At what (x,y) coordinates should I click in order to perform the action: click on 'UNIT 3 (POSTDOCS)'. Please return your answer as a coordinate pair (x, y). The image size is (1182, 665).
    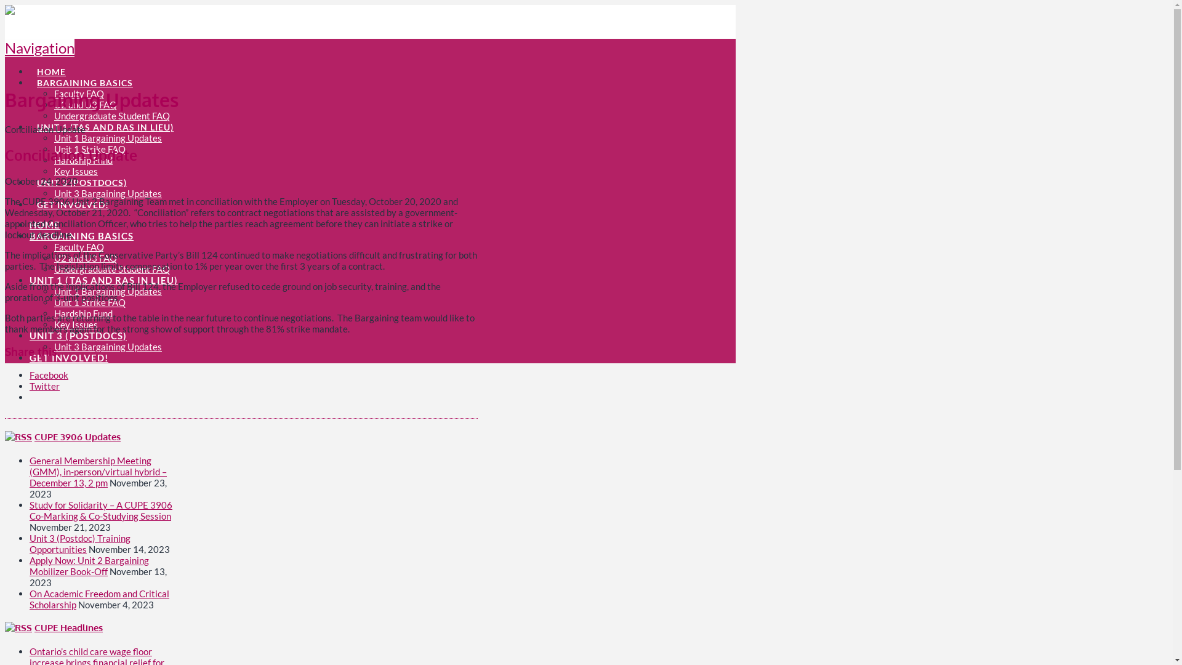
    Looking at the image, I should click on (81, 175).